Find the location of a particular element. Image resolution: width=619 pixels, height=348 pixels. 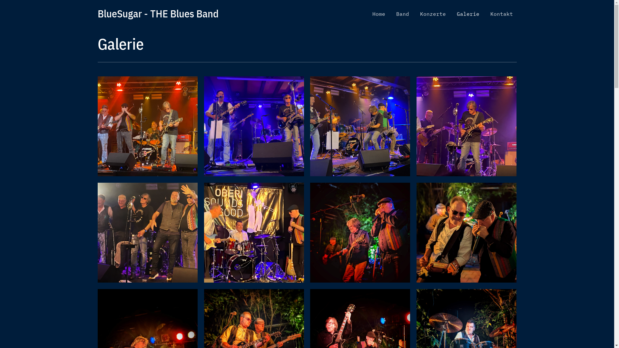

'BlueSugar - THE Blues Band' is located at coordinates (158, 14).